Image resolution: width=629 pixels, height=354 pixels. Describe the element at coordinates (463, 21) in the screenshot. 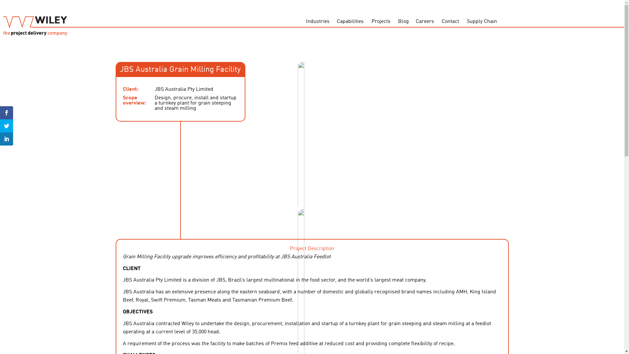

I see `'Supply Chain'` at that location.